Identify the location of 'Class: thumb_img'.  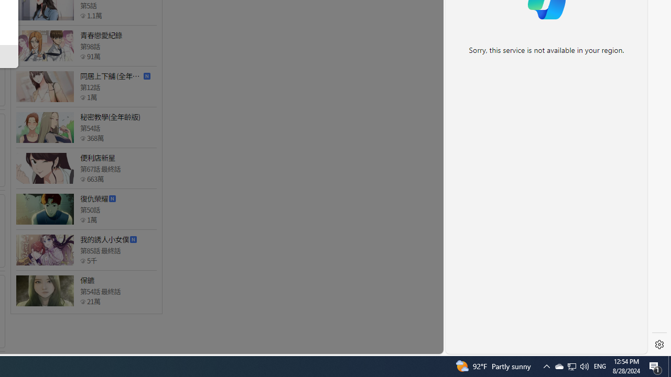
(44, 291).